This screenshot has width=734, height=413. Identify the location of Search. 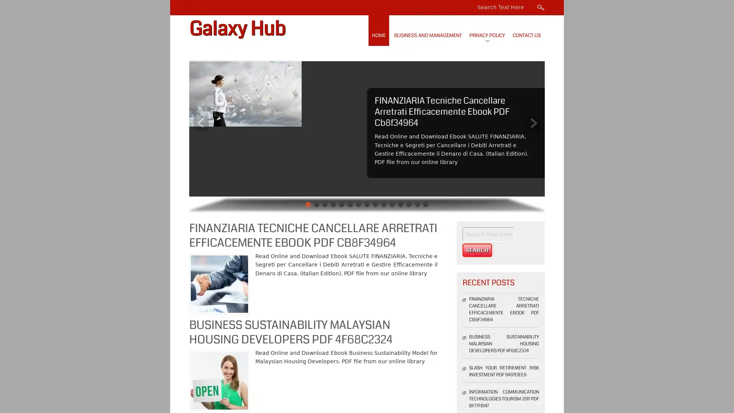
(477, 250).